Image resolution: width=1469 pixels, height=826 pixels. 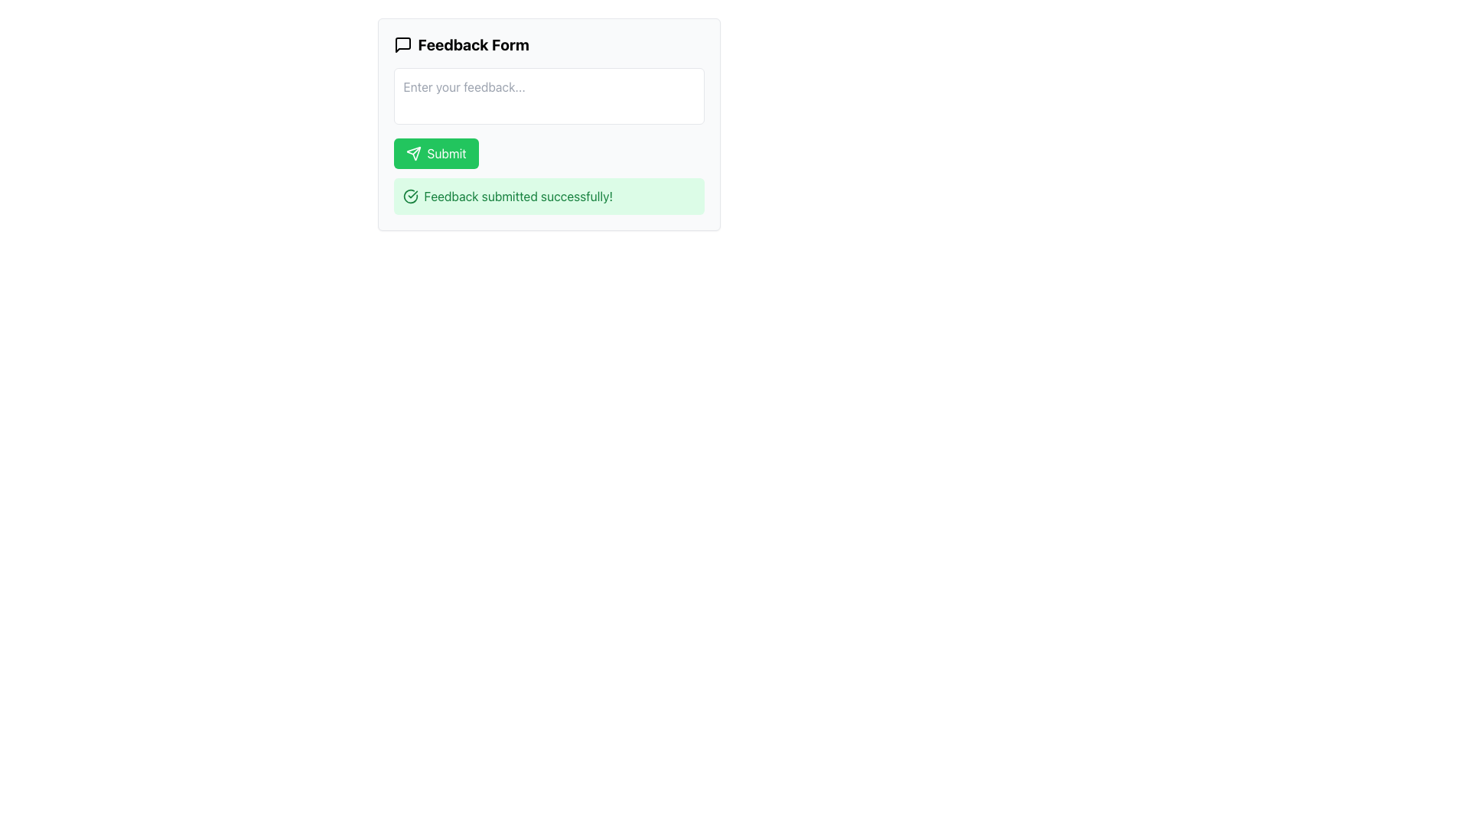 I want to click on the icon positioned directly to the left of the 'Feedback Form' text in the header section of the feedback form interface, so click(x=402, y=44).